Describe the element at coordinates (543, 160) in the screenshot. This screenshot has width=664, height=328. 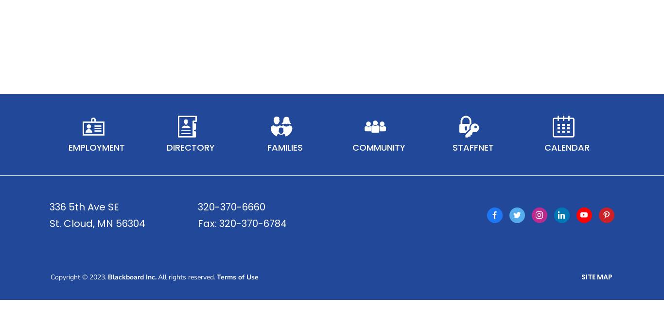
I see `'Calendar'` at that location.